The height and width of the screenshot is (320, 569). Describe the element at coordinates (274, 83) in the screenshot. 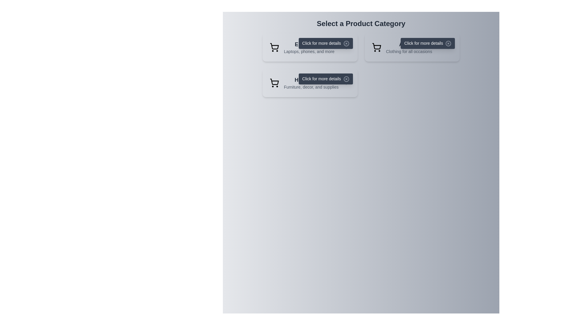

I see `the shopping cart icon that represents the 'Home Goods' section, located to the left of the 'Home Goods' text in the card layout for the 'Furniture, decor, and supplies' category` at that location.